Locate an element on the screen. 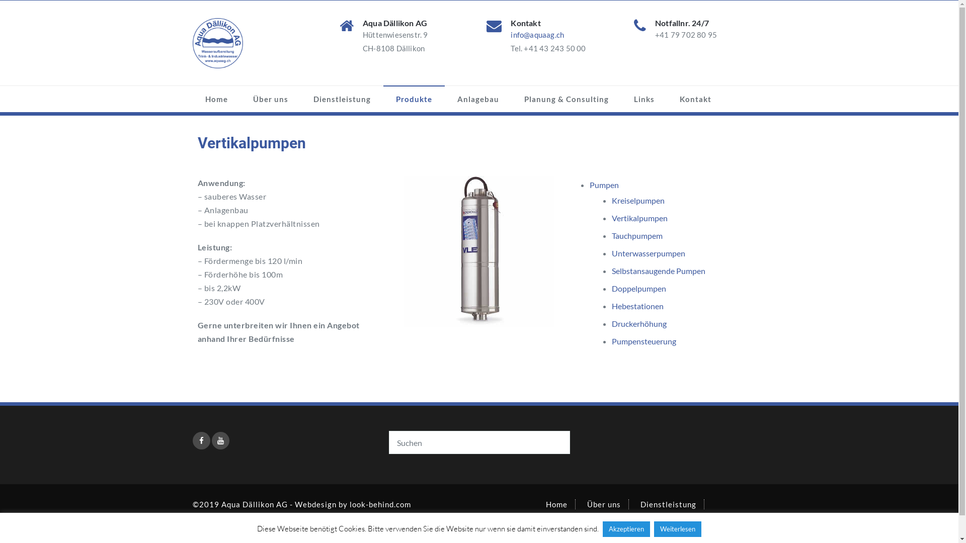  'Home' is located at coordinates (545, 504).